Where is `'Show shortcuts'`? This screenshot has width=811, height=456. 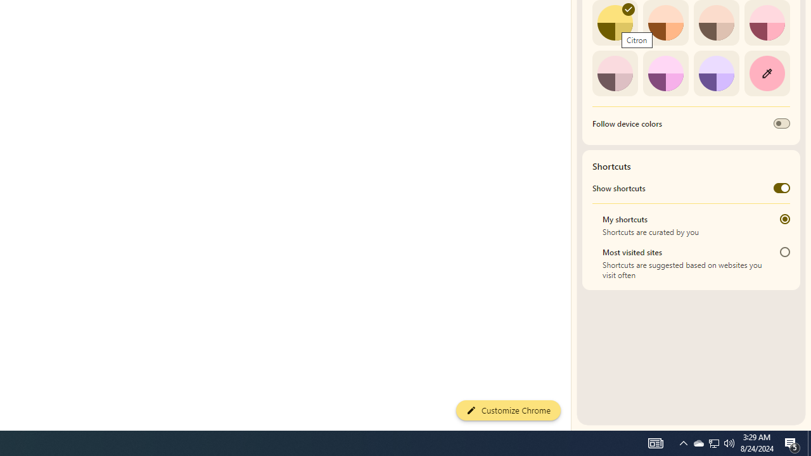 'Show shortcuts' is located at coordinates (781, 188).